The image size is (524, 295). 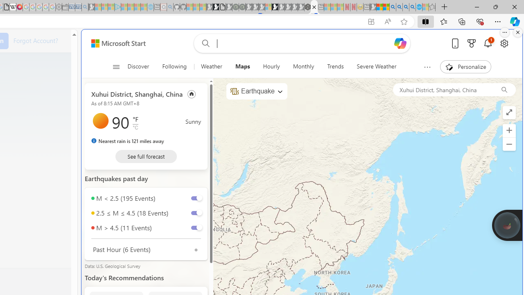 I want to click on 'Hourly', so click(x=271, y=66).